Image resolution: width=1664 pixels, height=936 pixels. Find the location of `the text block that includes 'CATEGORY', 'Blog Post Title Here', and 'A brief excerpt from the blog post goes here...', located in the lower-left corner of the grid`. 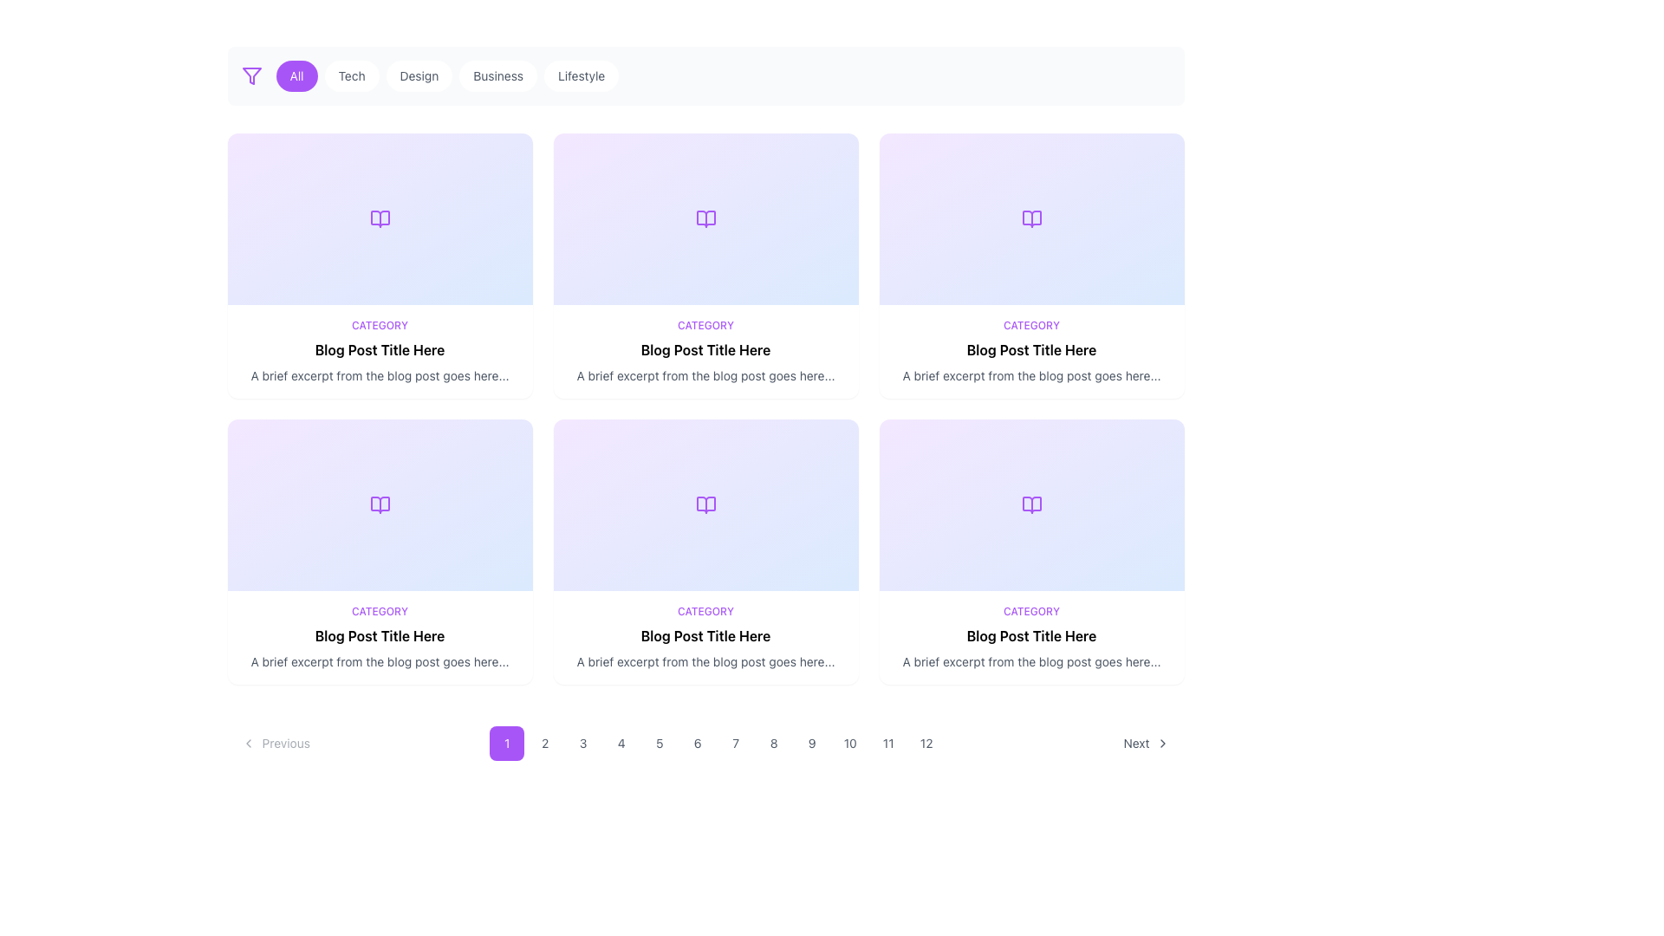

the text block that includes 'CATEGORY', 'Blog Post Title Here', and 'A brief excerpt from the blog post goes here...', located in the lower-left corner of the grid is located at coordinates (379, 638).